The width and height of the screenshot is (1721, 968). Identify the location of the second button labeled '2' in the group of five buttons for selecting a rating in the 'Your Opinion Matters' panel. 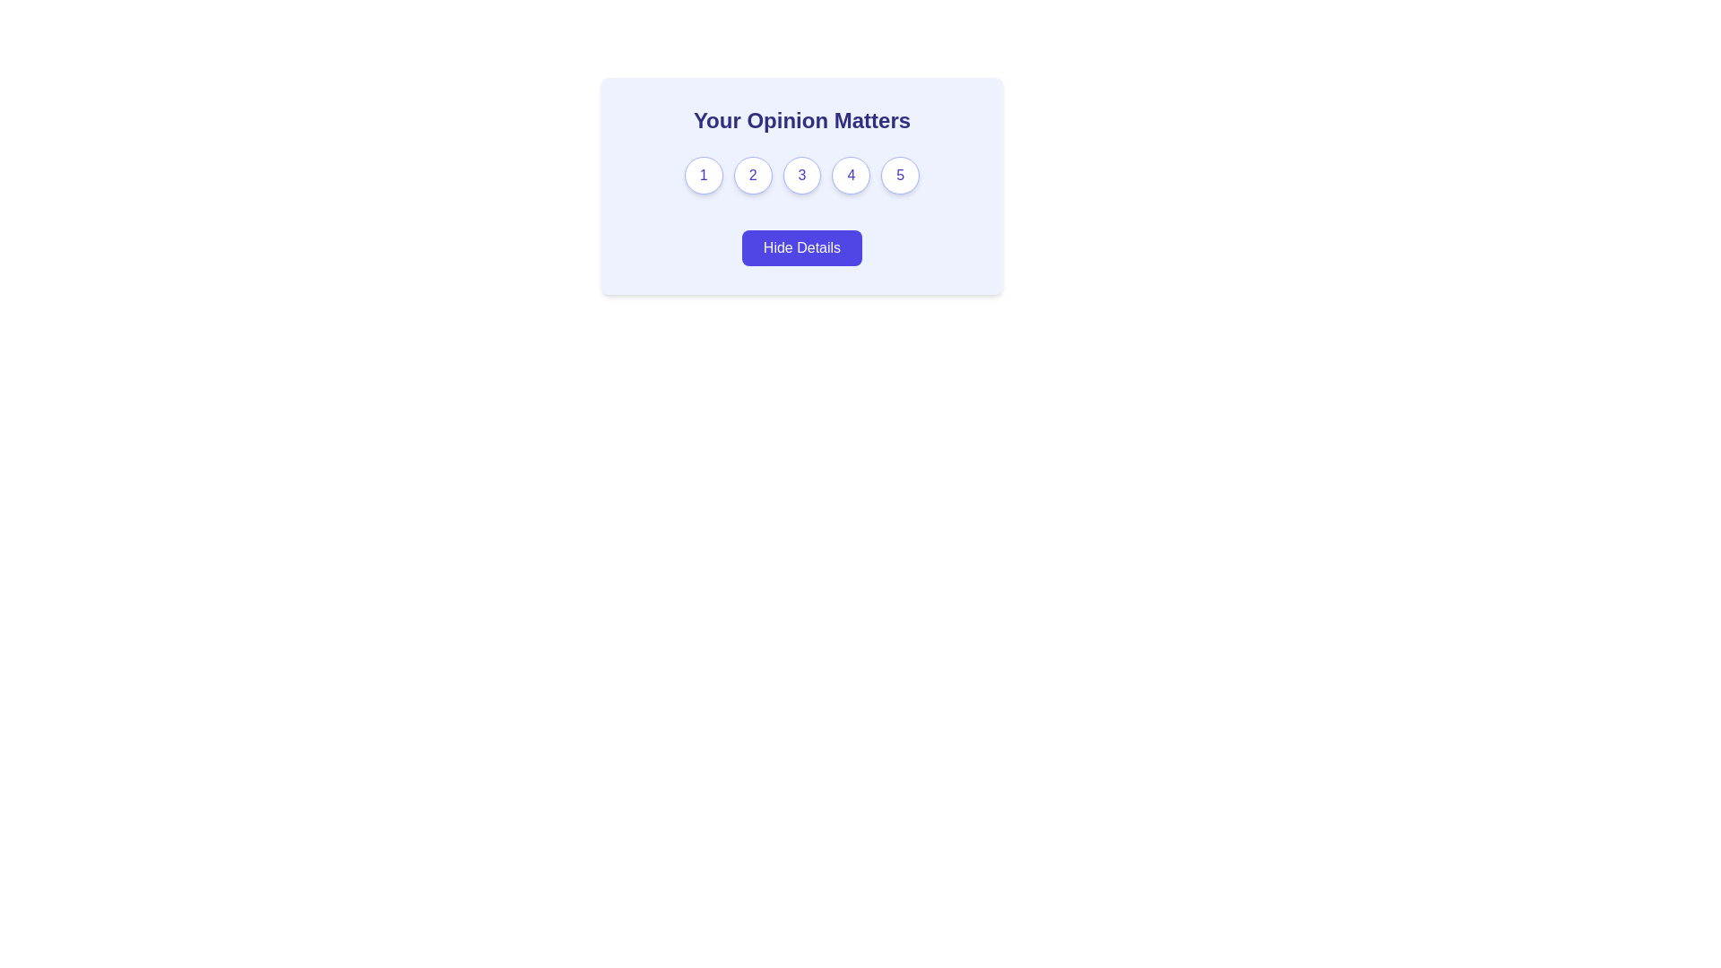
(753, 176).